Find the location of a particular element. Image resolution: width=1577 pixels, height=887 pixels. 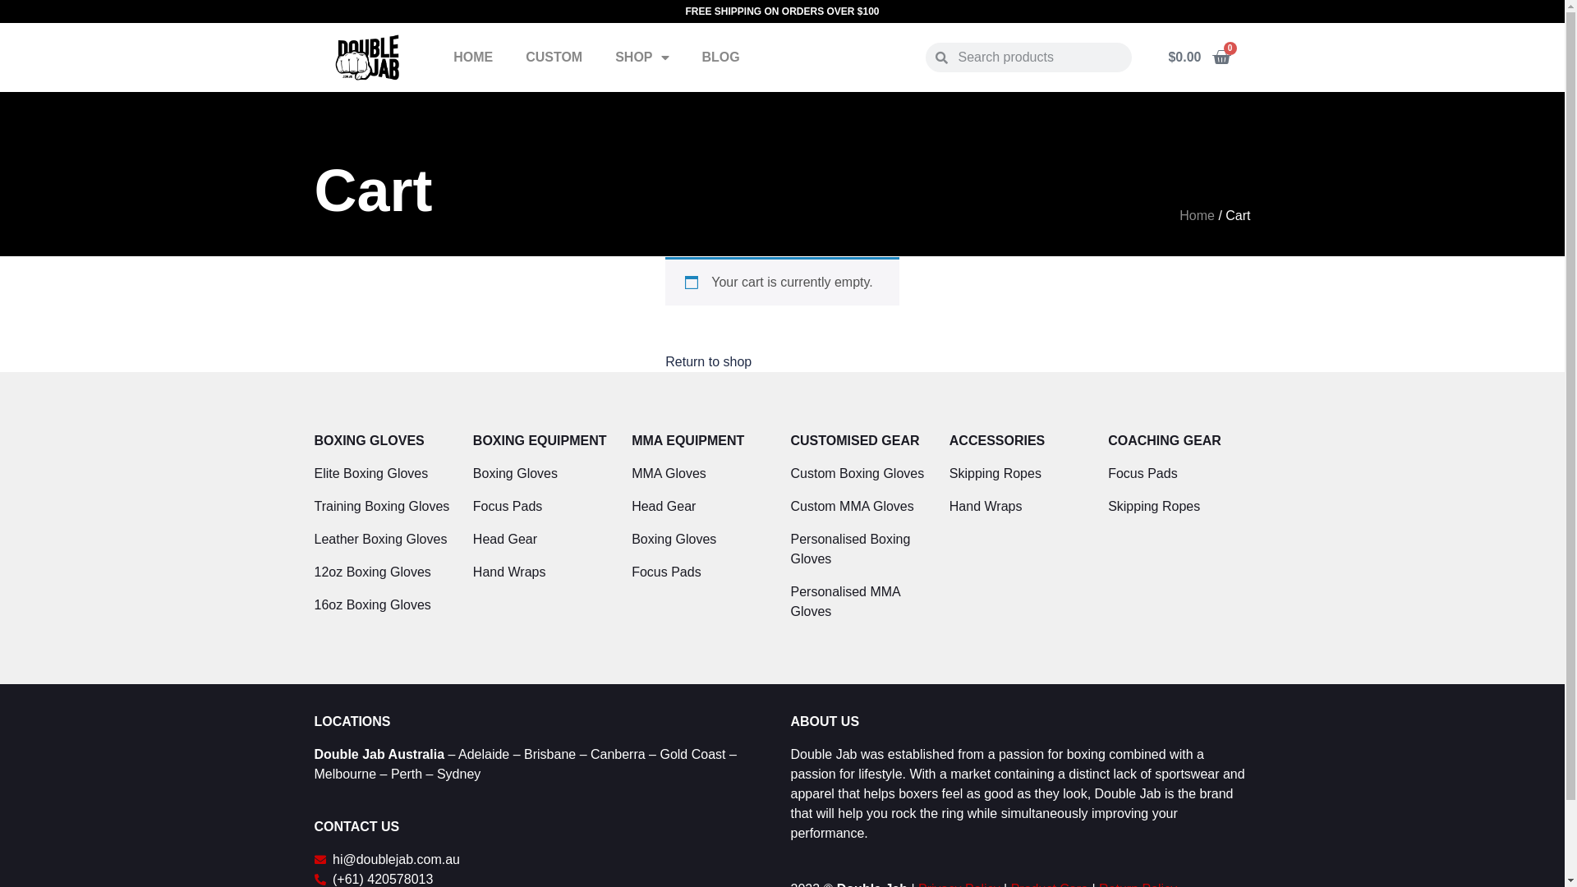

'Leather Boxing Gloves' is located at coordinates (384, 539).